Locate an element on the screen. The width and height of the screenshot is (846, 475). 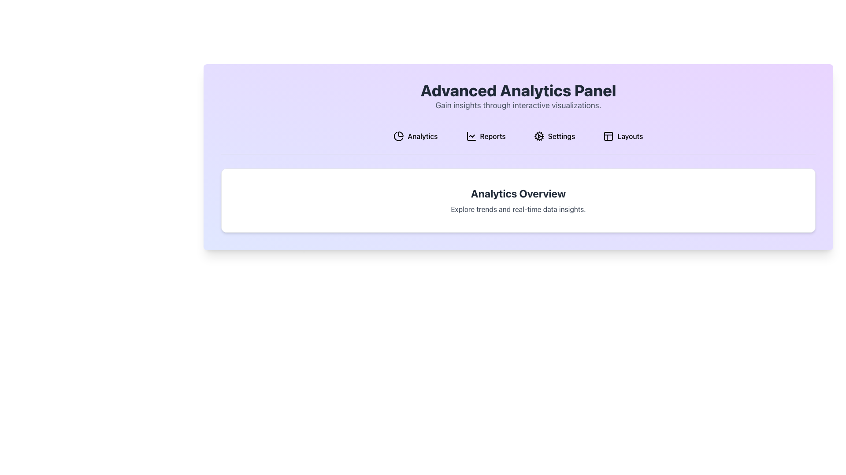
the line chart icon located in the 'Reports' section of the main navigation bar, which is positioned between the 'Analytics' and 'Settings' sections is located at coordinates (471, 136).